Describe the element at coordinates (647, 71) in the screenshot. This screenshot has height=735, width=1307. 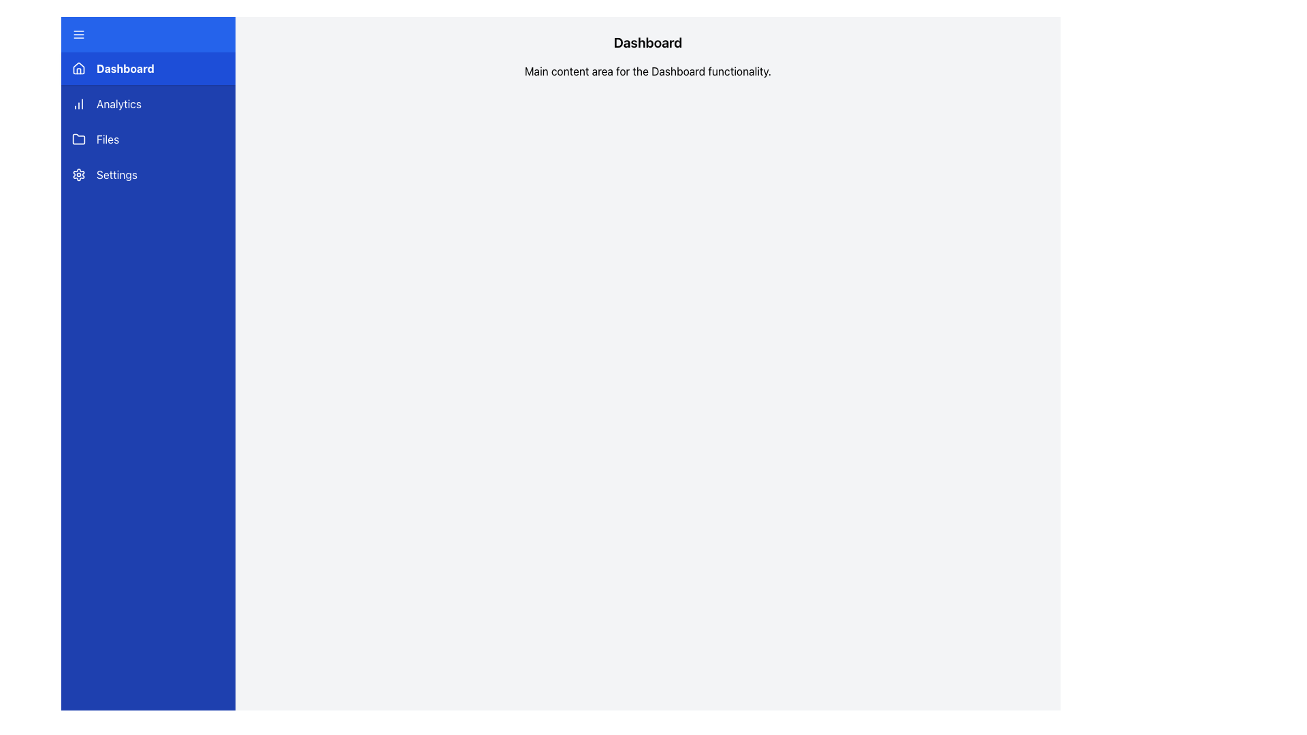
I see `the text field displaying the message 'Main content area for the Dashboard functionality.' which is located directly below the 'Dashboard' header` at that location.